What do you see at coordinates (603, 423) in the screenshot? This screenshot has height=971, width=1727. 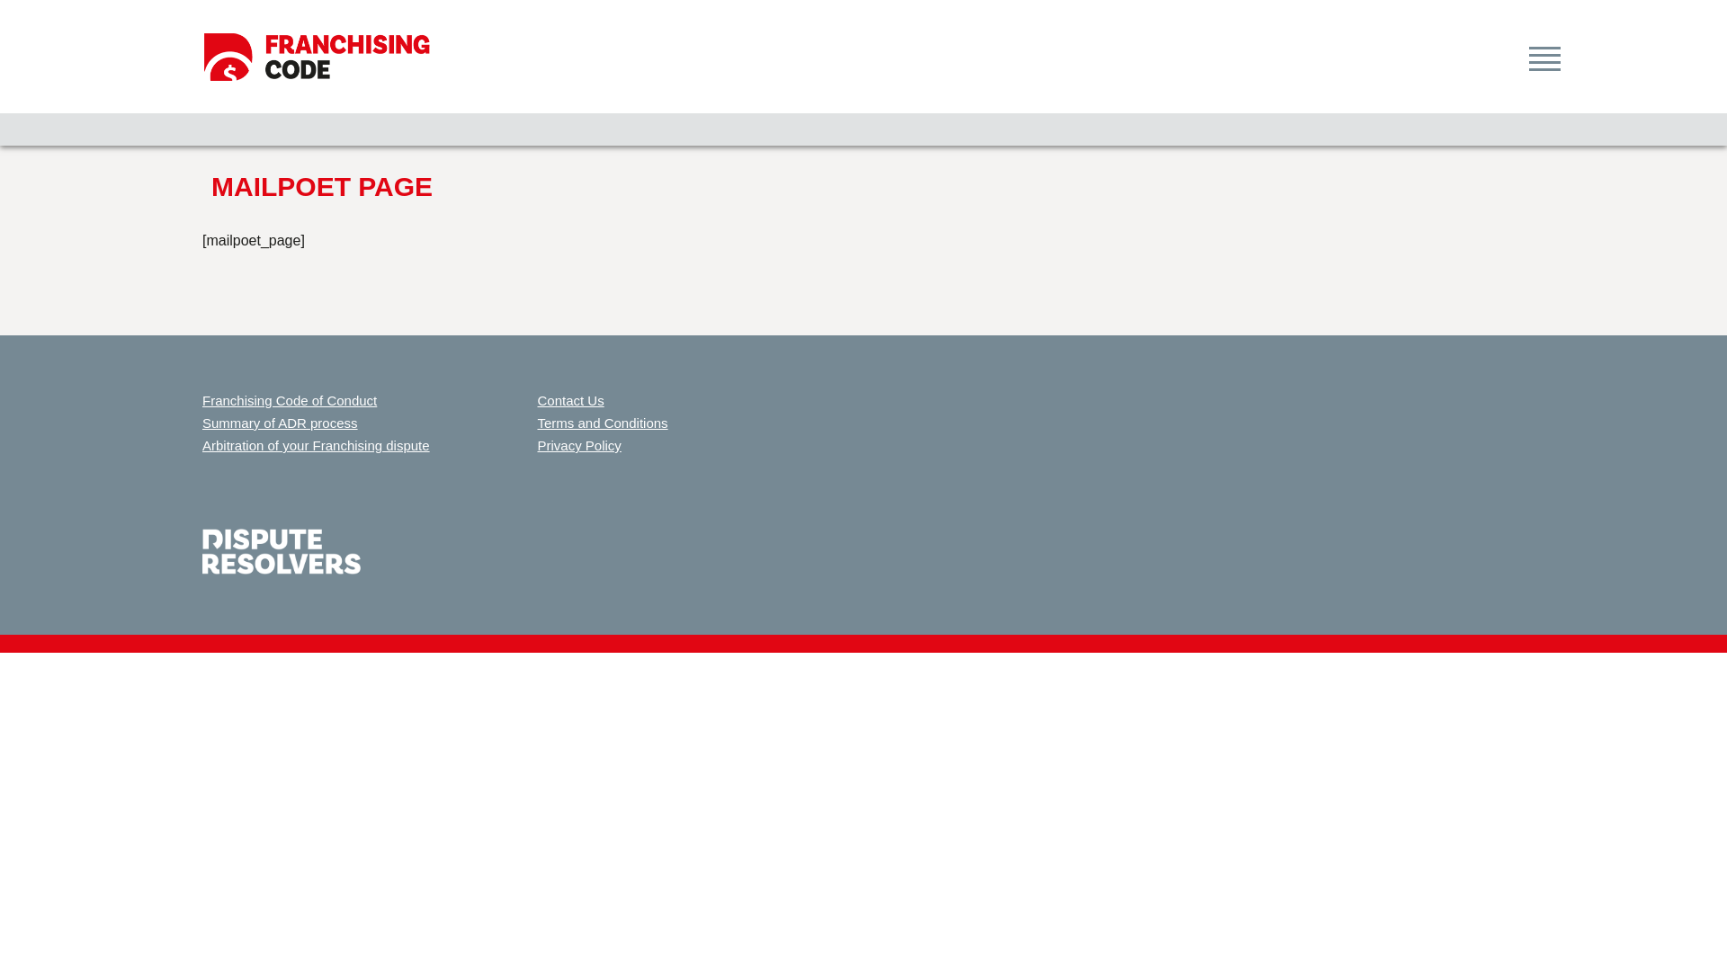 I see `'Terms and Conditions'` at bounding box center [603, 423].